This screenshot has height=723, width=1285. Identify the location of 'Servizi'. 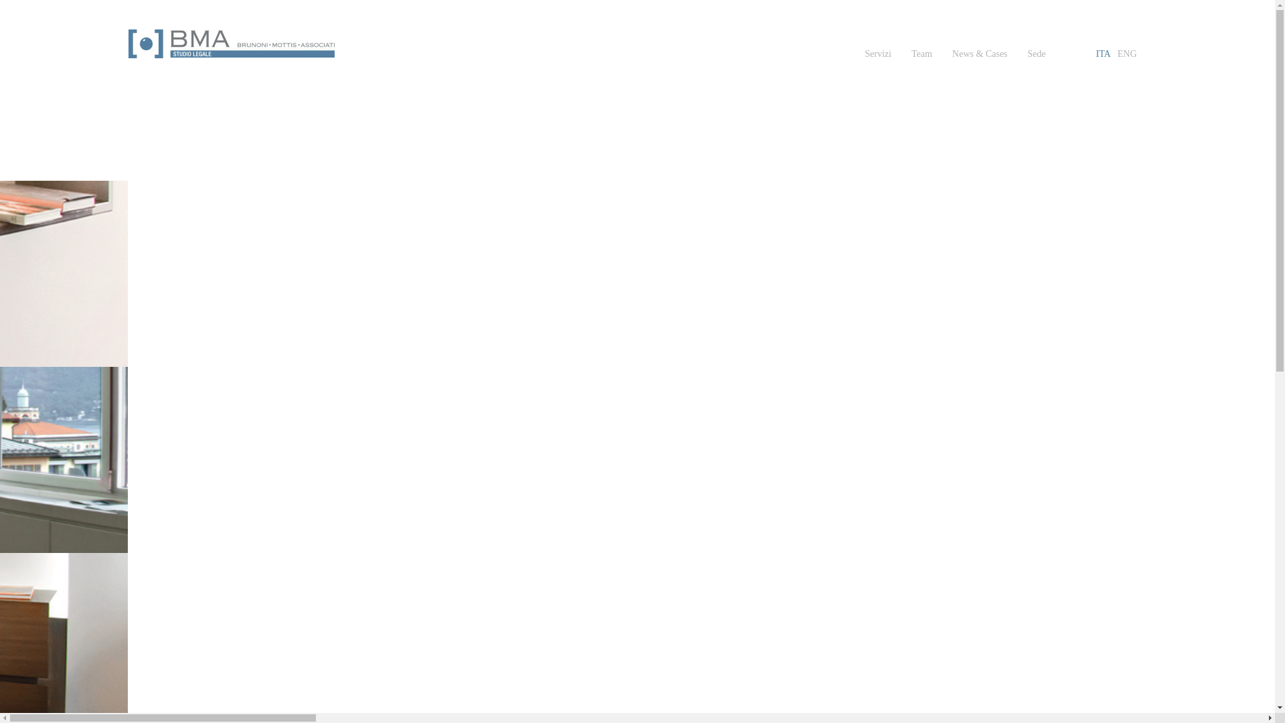
(877, 54).